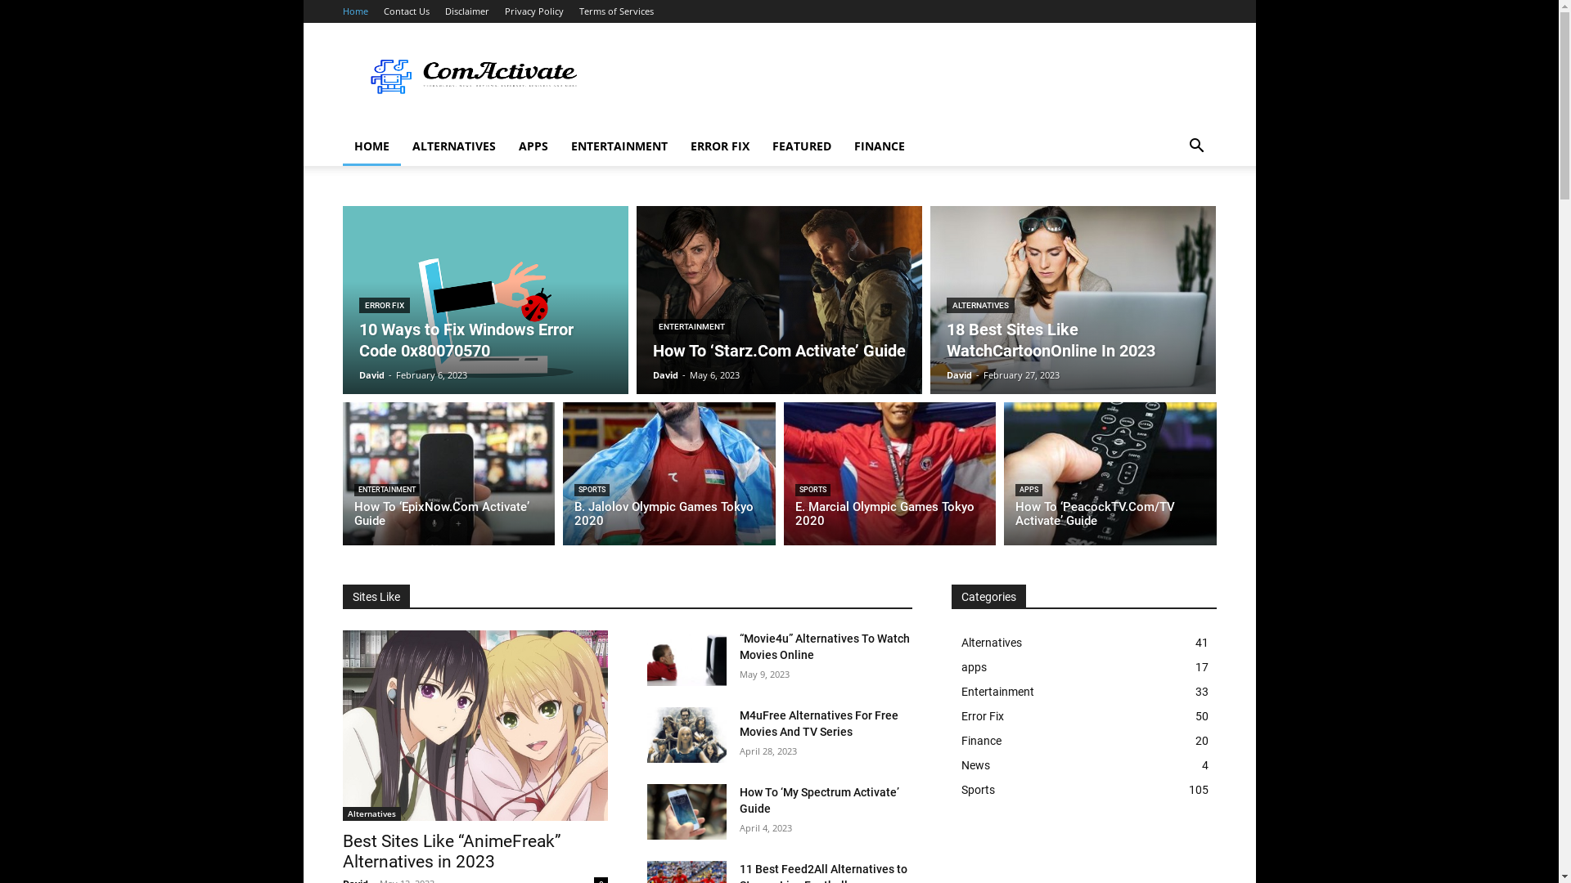  Describe the element at coordinates (691, 326) in the screenshot. I see `'ENTERTAINMENT'` at that location.